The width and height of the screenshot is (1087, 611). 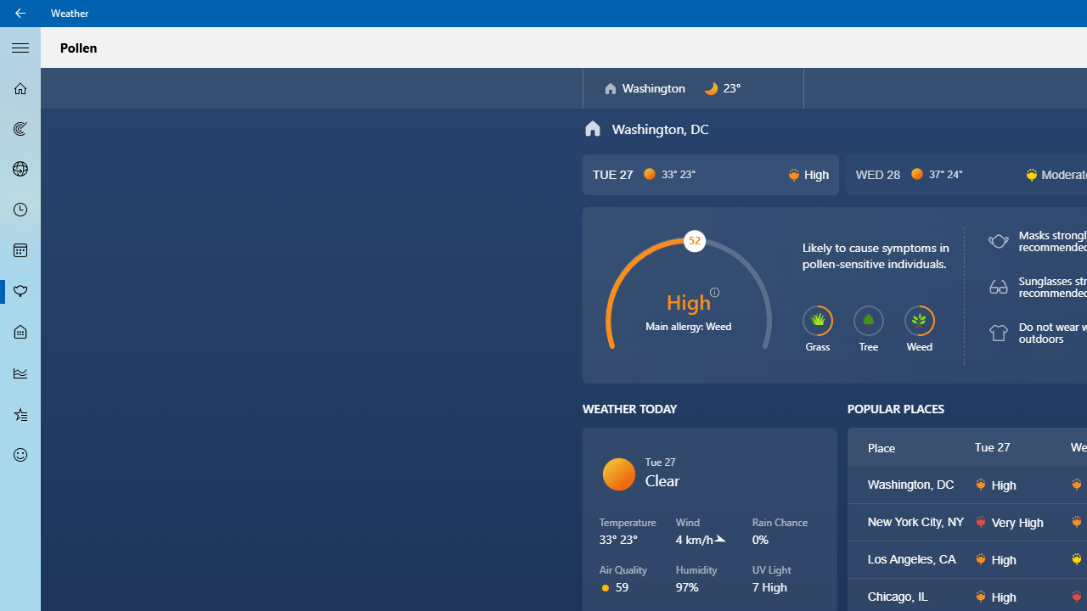 I want to click on 'Monthly Forecast - Not Selected', so click(x=20, y=250).